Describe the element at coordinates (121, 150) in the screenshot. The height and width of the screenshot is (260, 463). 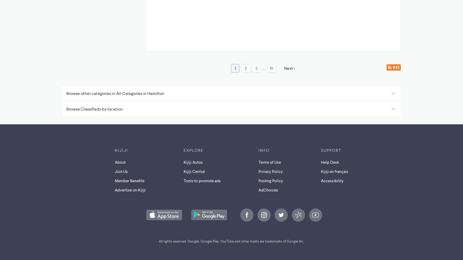
I see `'Kijiji'` at that location.